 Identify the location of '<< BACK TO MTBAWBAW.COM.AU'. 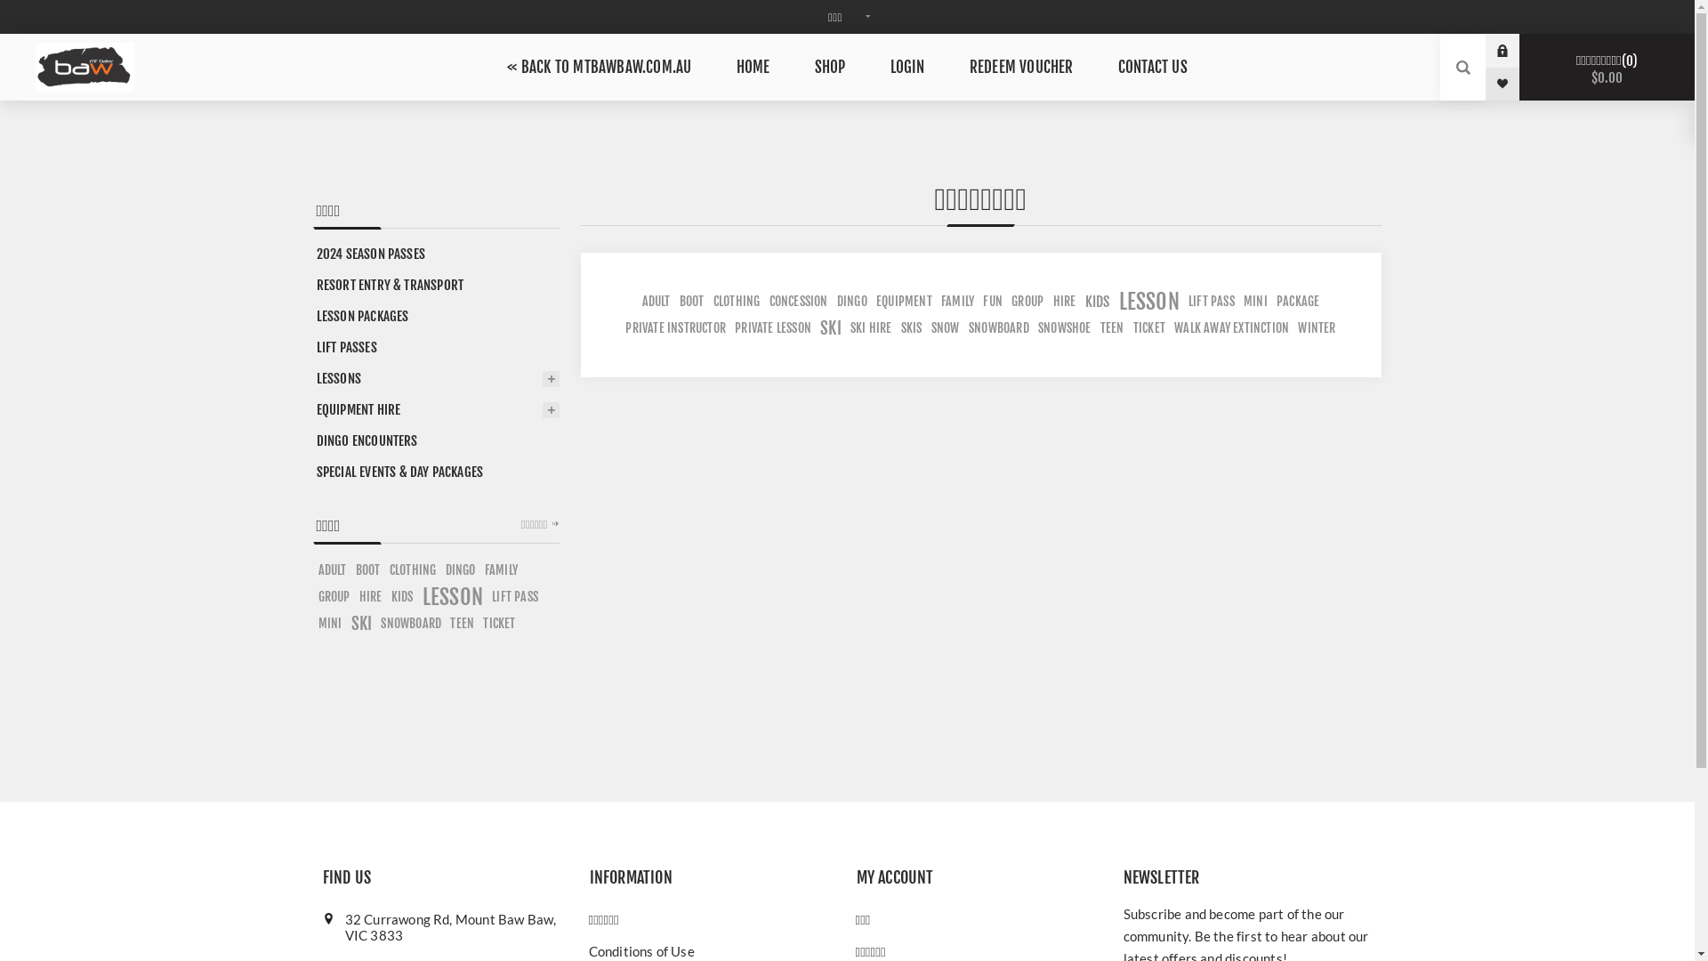
(599, 66).